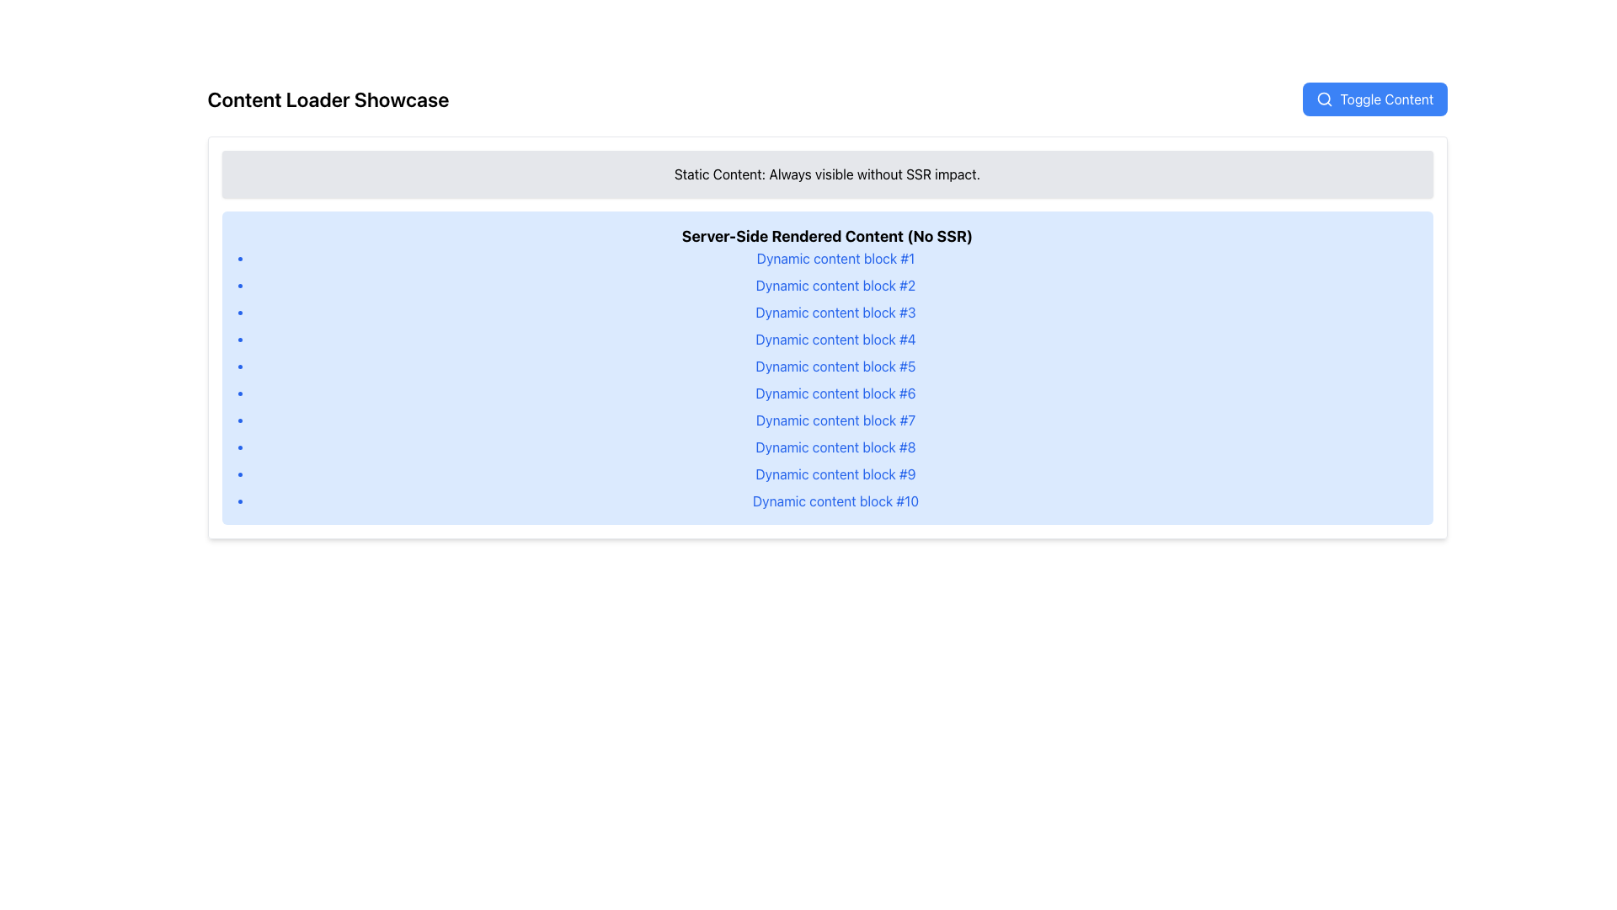  What do you see at coordinates (835, 339) in the screenshot?
I see `the fourth text label in a list of ten items located in the center of the content area of the page` at bounding box center [835, 339].